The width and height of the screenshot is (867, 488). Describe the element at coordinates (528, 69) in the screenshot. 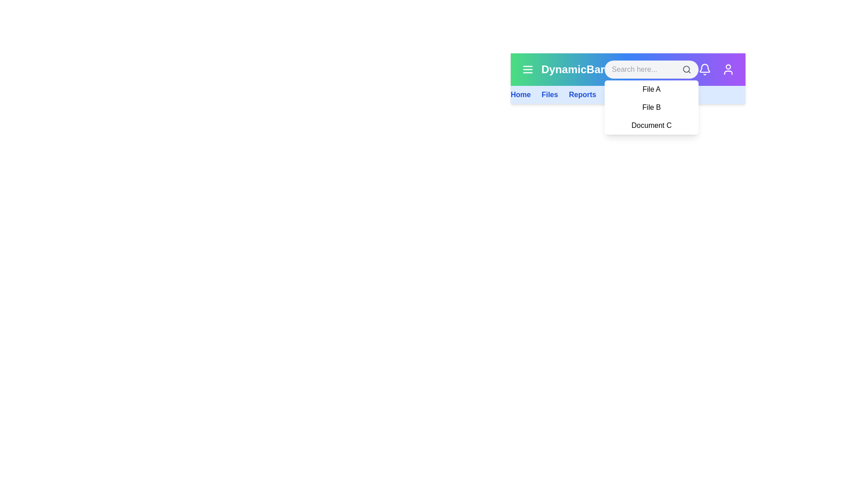

I see `the menu icon to toggle the menu` at that location.